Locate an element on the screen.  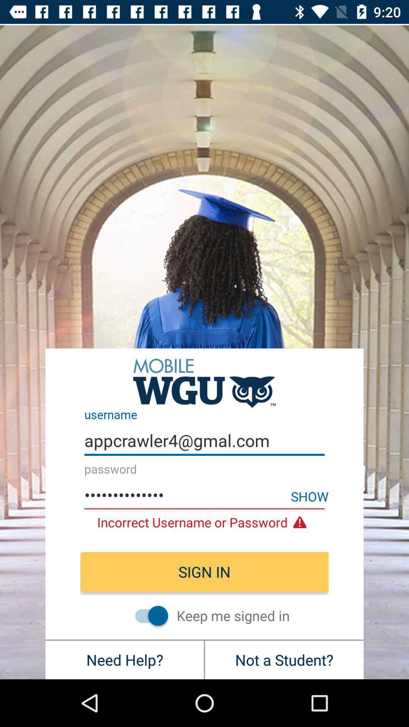
icon above the need help? item is located at coordinates (148, 616).